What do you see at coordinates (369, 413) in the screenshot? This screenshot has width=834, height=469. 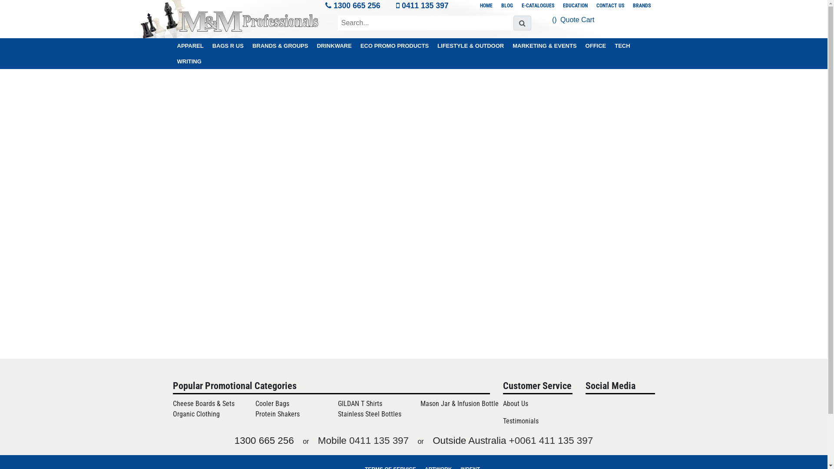 I see `'Stainless Steel Bottles'` at bounding box center [369, 413].